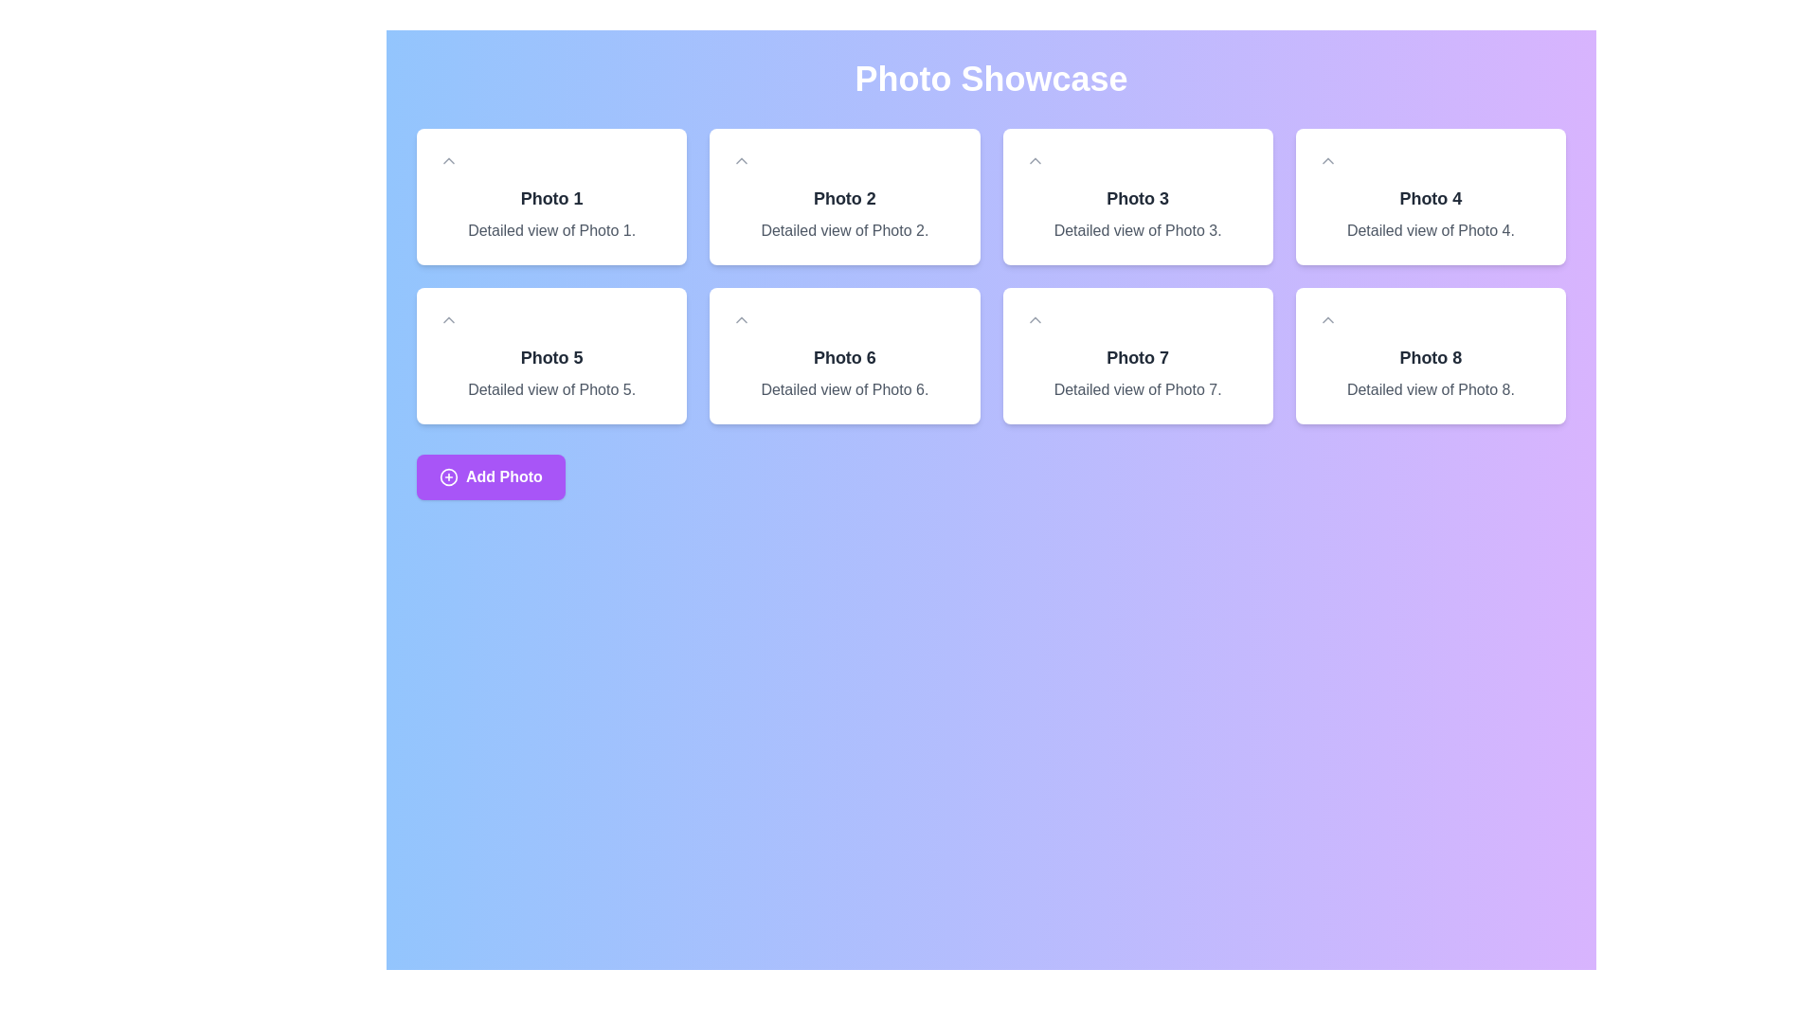  What do you see at coordinates (1137, 229) in the screenshot?
I see `the textual label that says 'Detailed view of Photo 3' located at the bottom of the card for 'Photo 3', which is styled in gray text color` at bounding box center [1137, 229].